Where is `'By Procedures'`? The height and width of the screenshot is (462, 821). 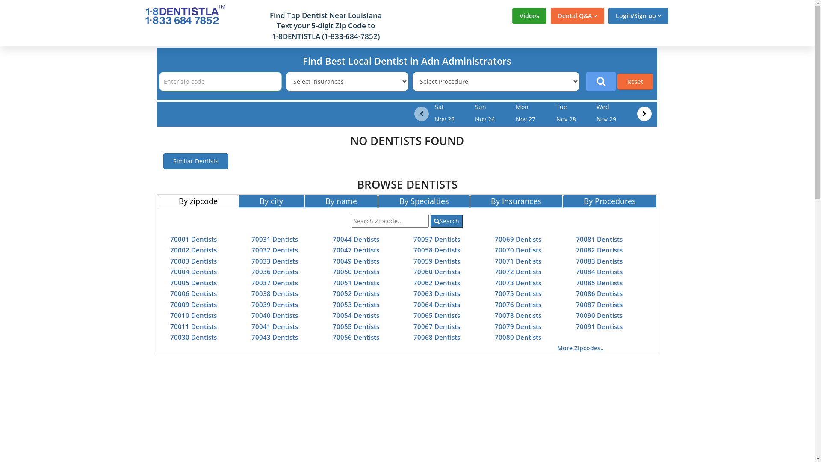
'By Procedures' is located at coordinates (609, 201).